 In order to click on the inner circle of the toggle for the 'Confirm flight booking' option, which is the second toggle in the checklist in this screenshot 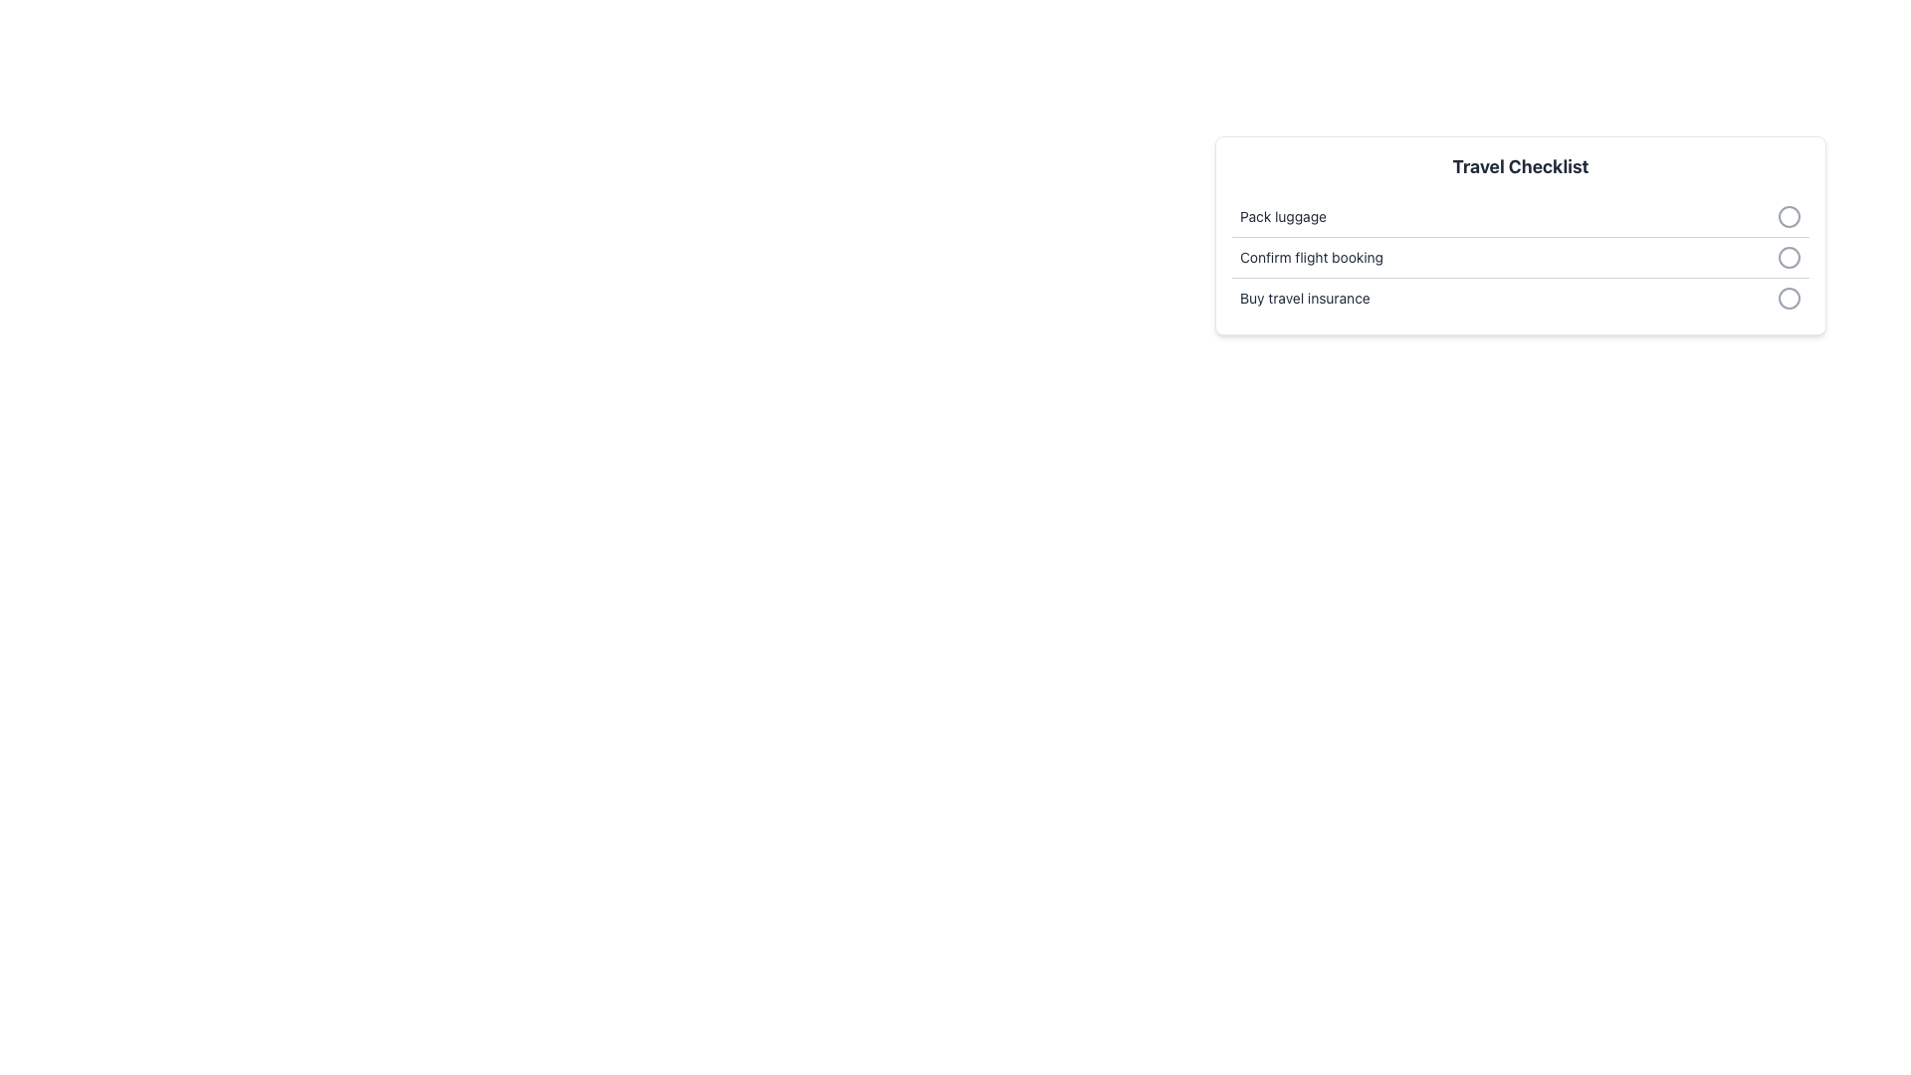, I will do `click(1790, 256)`.